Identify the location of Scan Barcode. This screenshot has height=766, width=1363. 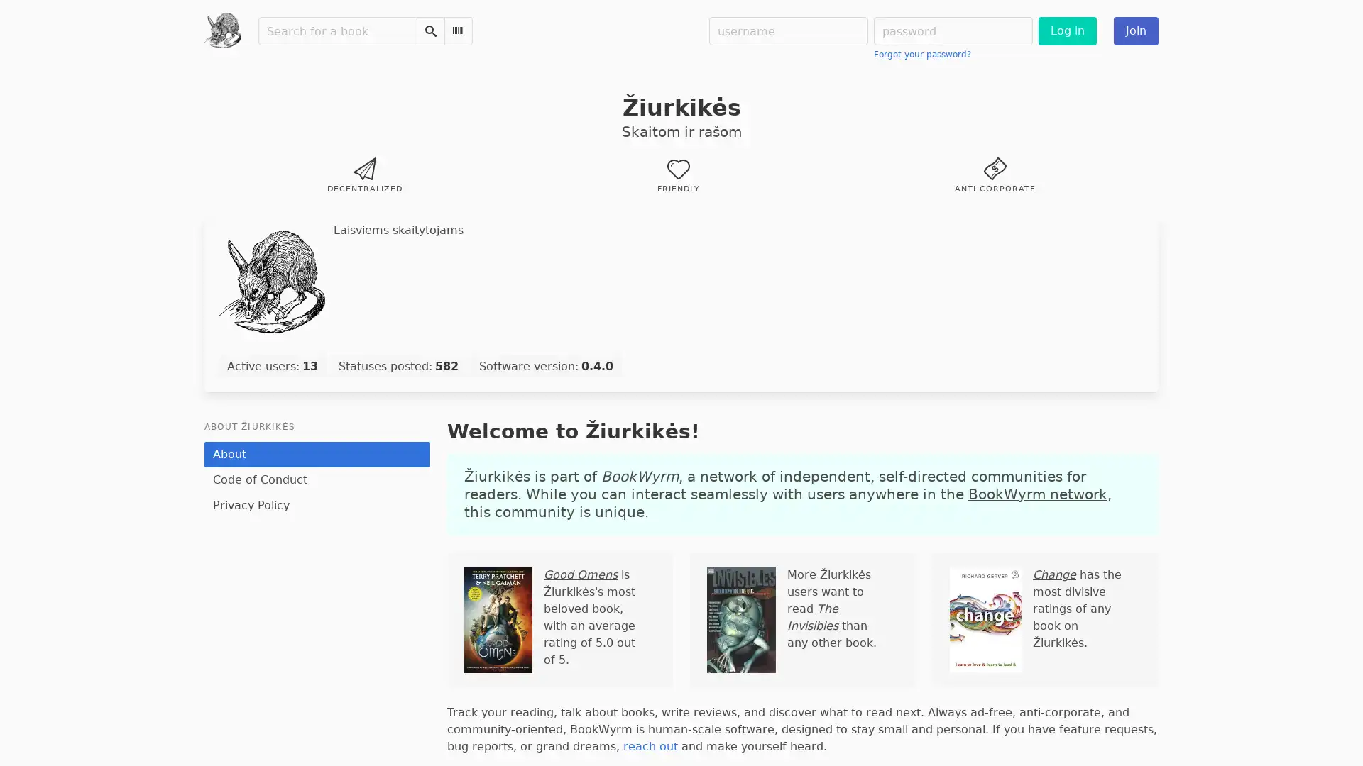
(457, 30).